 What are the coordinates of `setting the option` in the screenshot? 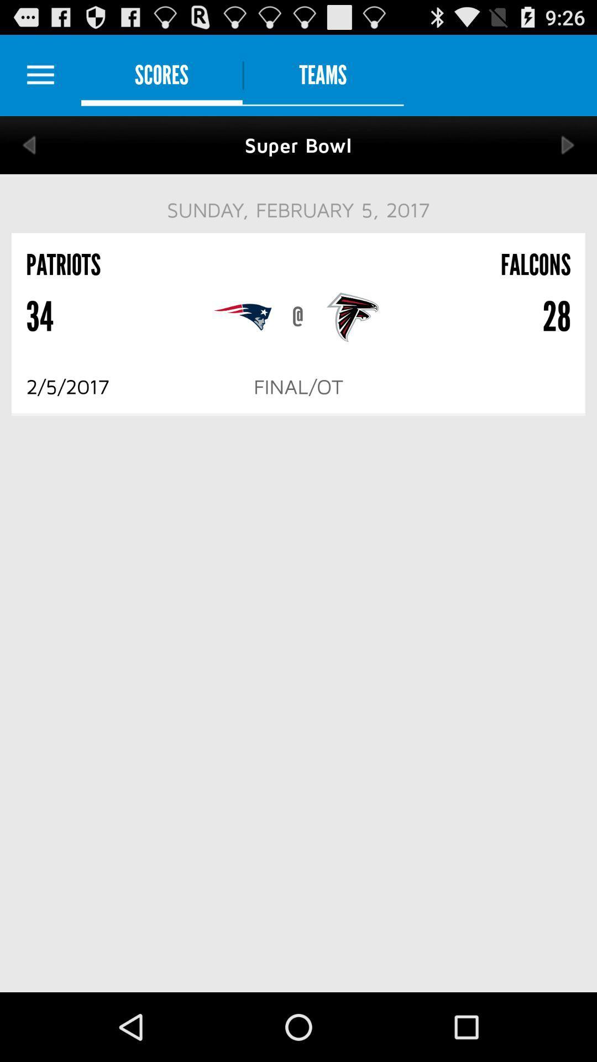 It's located at (40, 75).